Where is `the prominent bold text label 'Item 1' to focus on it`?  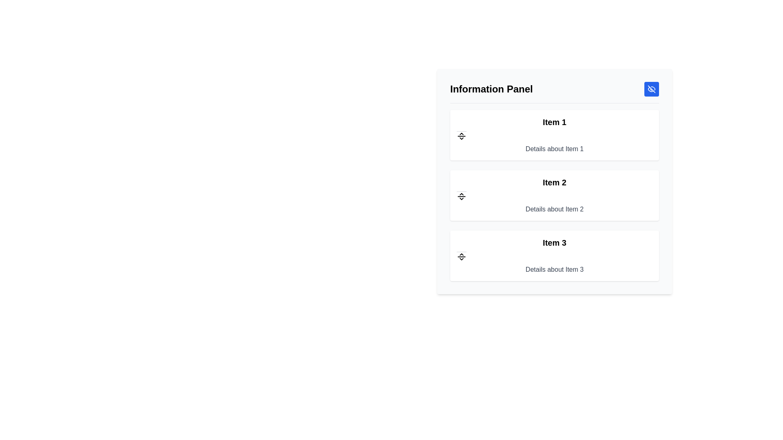 the prominent bold text label 'Item 1' to focus on it is located at coordinates (554, 122).